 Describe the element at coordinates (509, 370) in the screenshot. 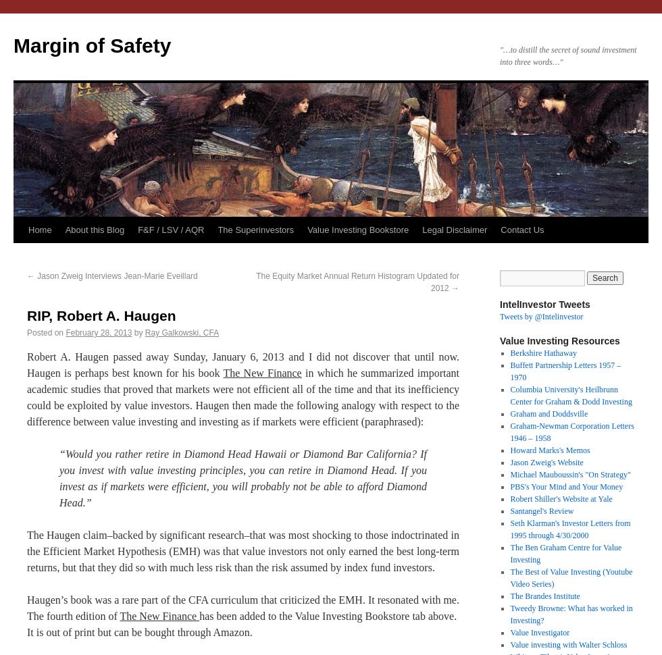

I see `'Buffett Partnership Letters 1957 – 1970'` at that location.